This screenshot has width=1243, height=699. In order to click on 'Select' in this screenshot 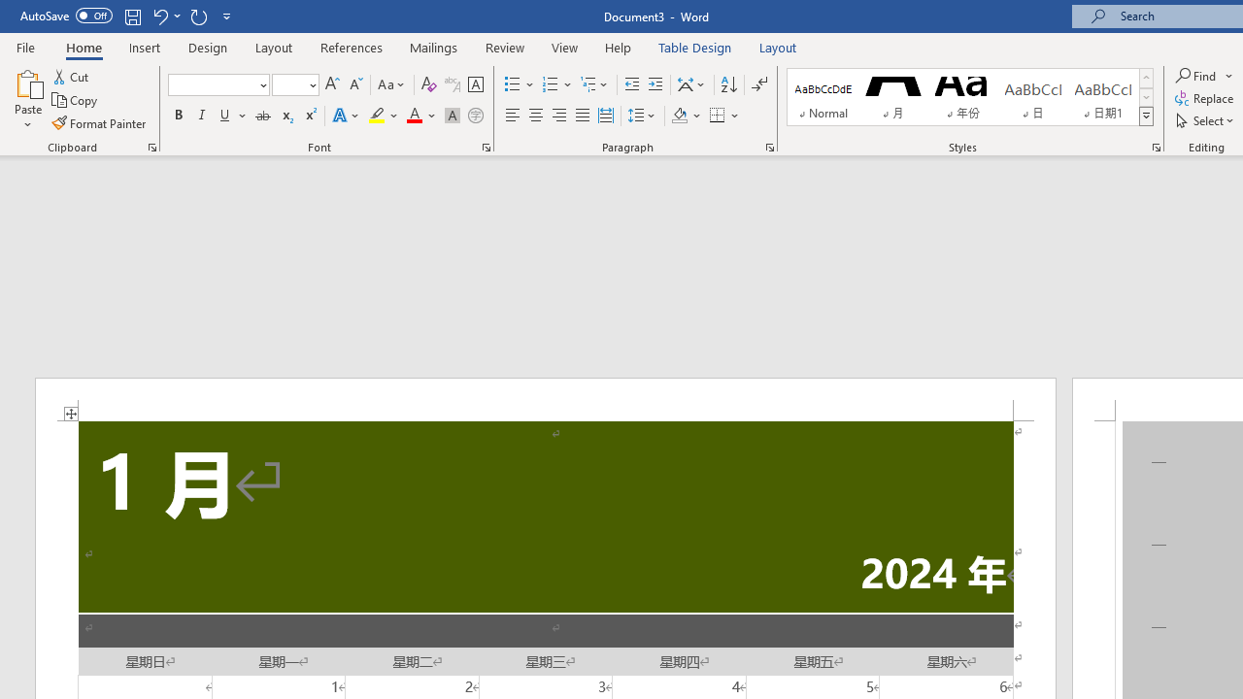, I will do `click(1205, 120)`.